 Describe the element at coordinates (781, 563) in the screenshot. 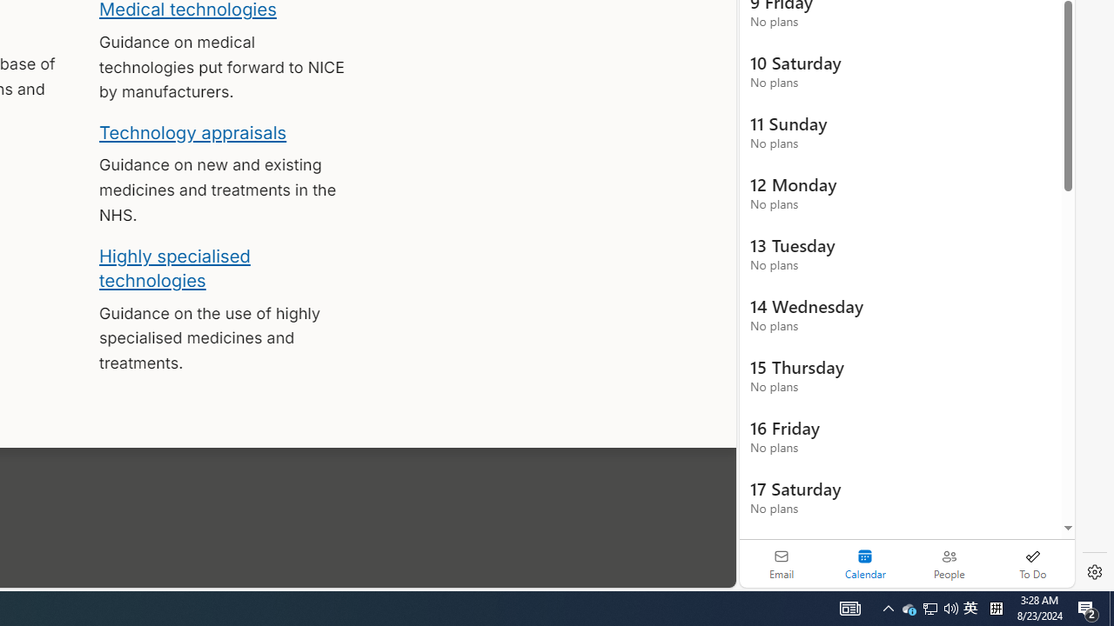

I see `'Email'` at that location.